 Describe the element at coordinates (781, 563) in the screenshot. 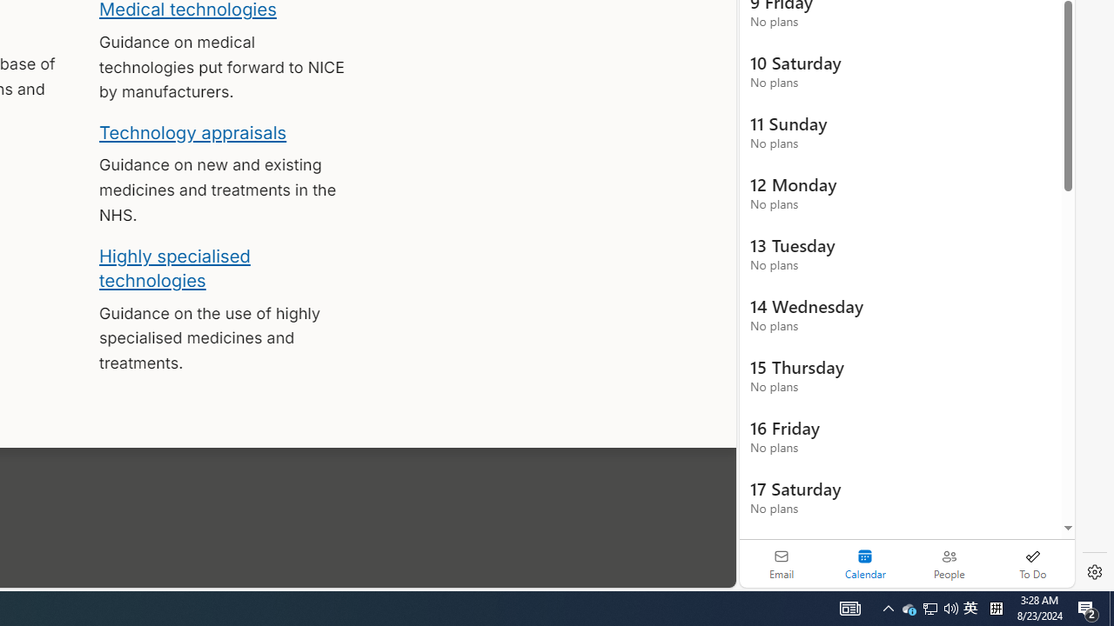

I see `'Email'` at that location.